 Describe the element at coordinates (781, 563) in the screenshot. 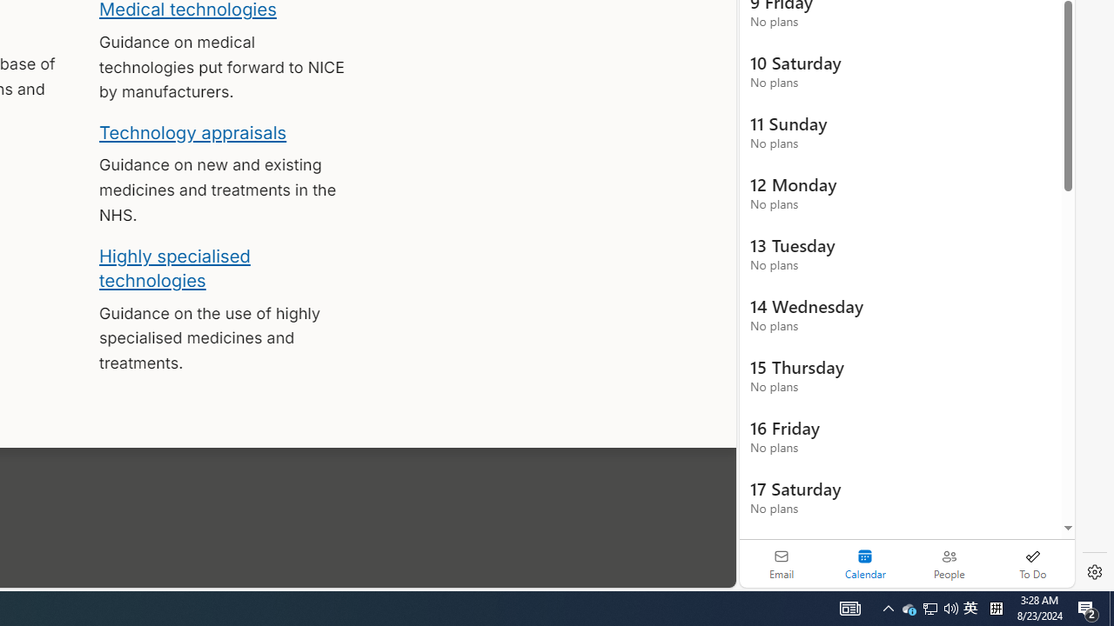

I see `'Email'` at that location.